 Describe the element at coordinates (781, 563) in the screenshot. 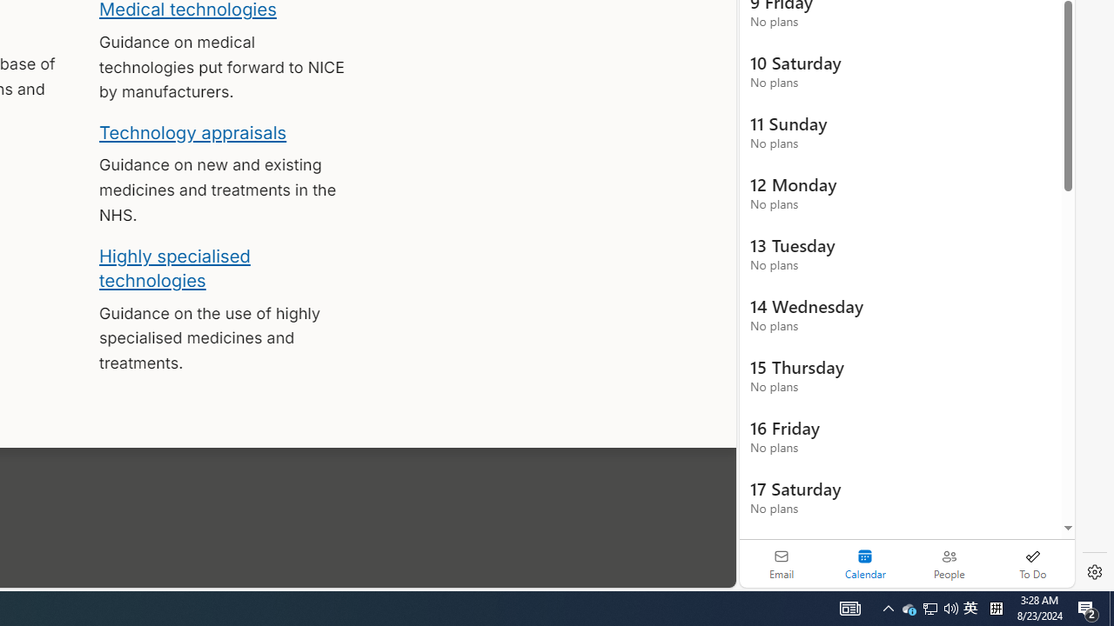

I see `'Email'` at that location.